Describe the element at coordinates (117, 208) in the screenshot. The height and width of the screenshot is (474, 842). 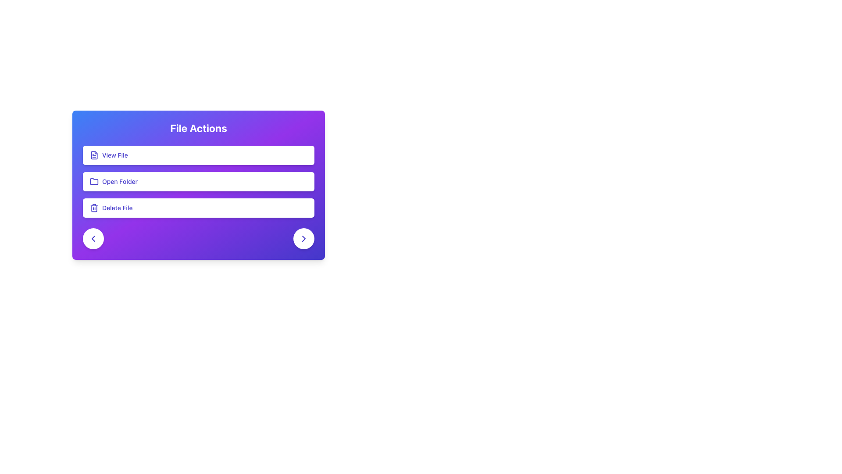
I see `the 'Delete File' button associated with the text label in the 'File Actions' section, located below the 'View File' and 'Open Folder' buttons` at that location.